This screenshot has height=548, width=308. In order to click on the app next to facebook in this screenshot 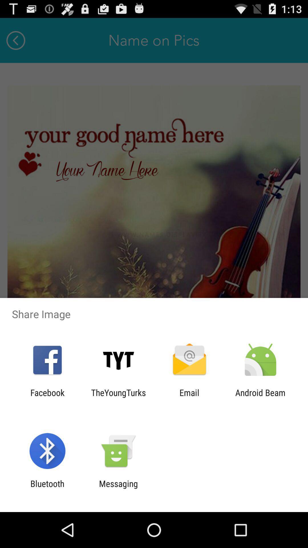, I will do `click(118, 397)`.